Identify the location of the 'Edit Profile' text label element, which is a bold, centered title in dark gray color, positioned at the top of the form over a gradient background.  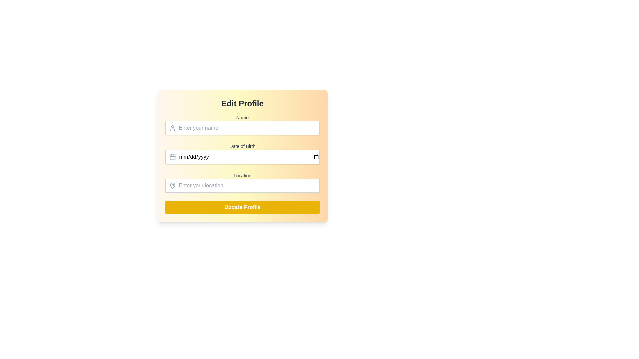
(242, 104).